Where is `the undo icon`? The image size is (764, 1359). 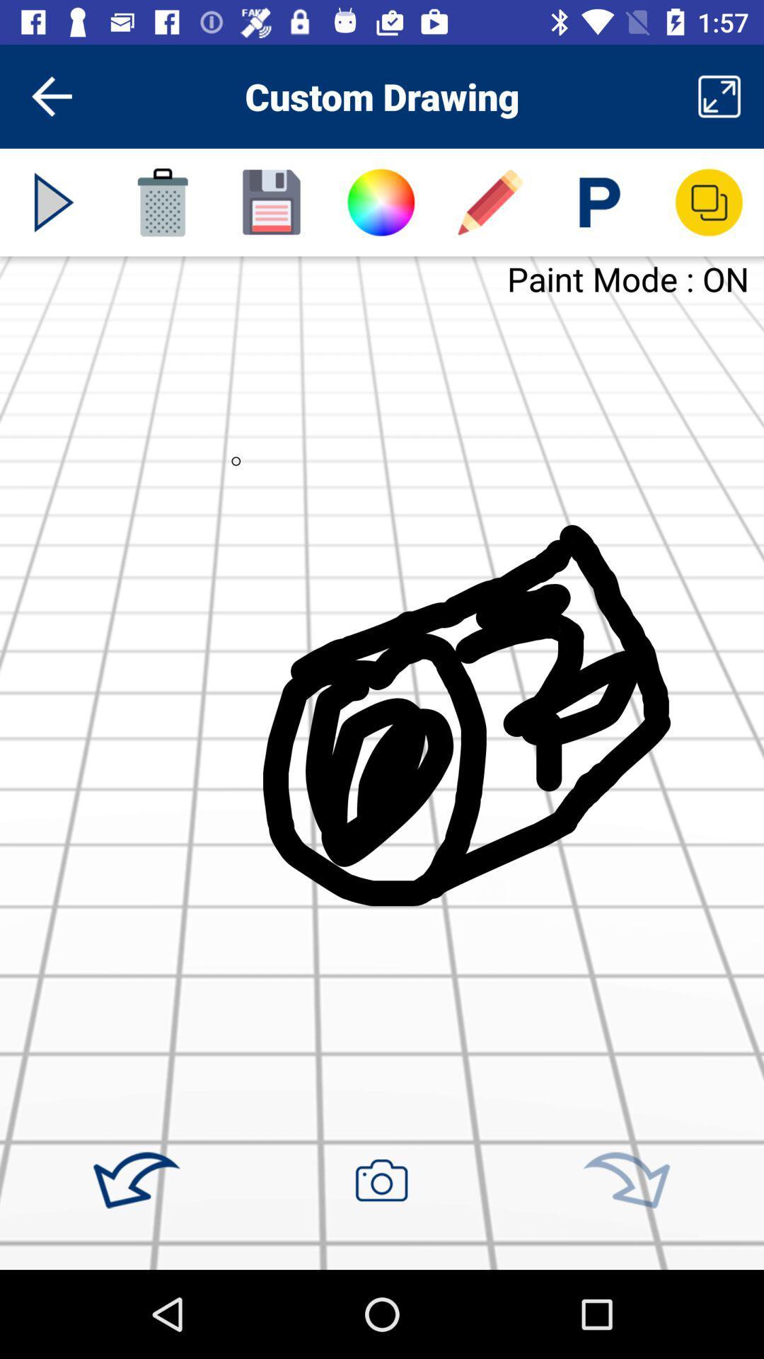 the undo icon is located at coordinates (137, 1181).